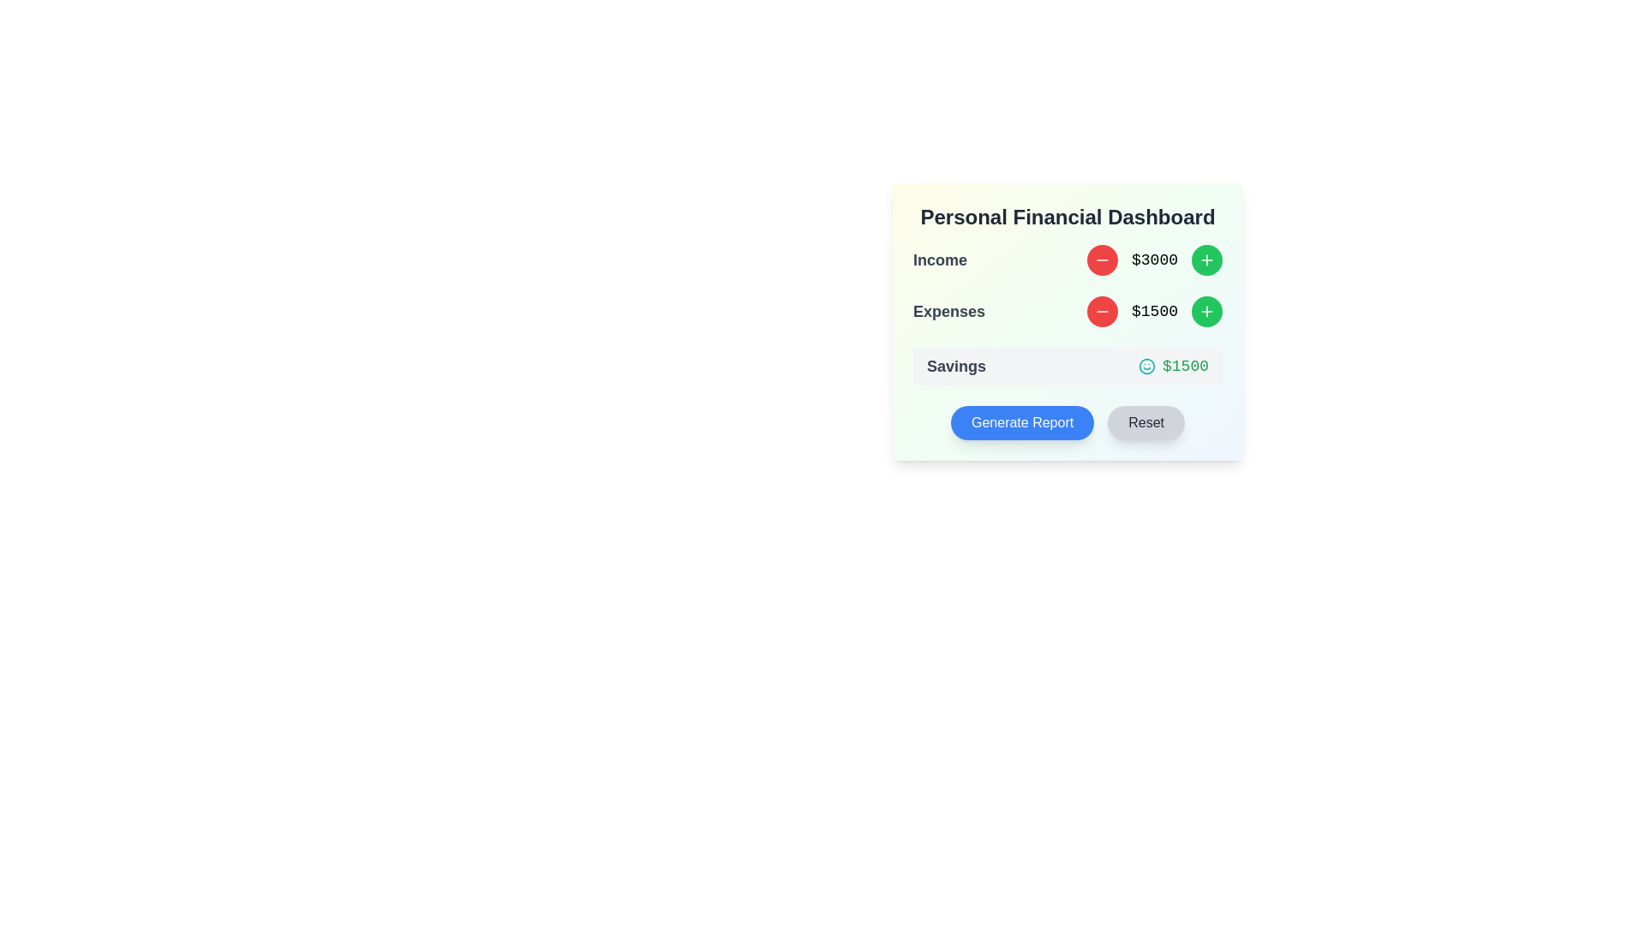  I want to click on the circular green button with a white plus symbol to increment the 'Expenses' value in the 'Personal Financial Dashboard', so click(1206, 311).